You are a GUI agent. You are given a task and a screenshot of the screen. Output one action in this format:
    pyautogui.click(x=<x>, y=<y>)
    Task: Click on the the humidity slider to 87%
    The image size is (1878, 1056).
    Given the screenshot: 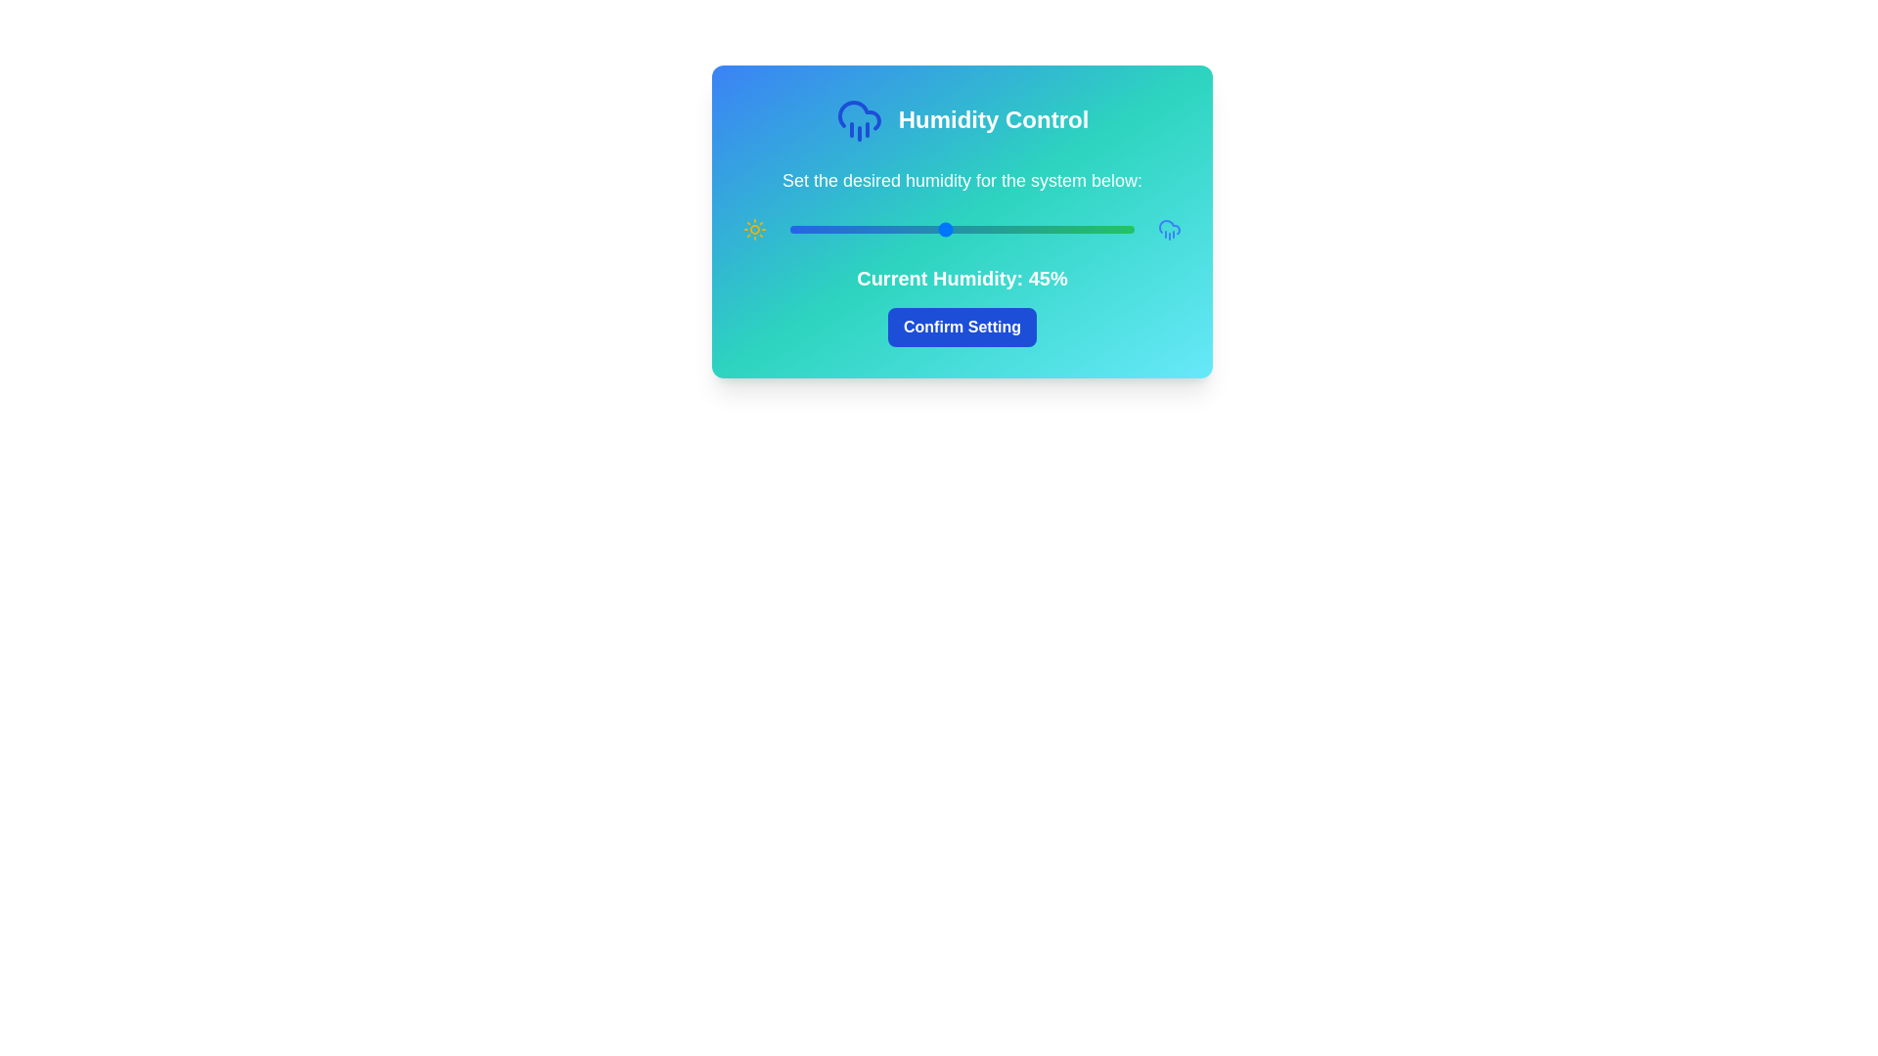 What is the action you would take?
    pyautogui.click(x=1089, y=229)
    